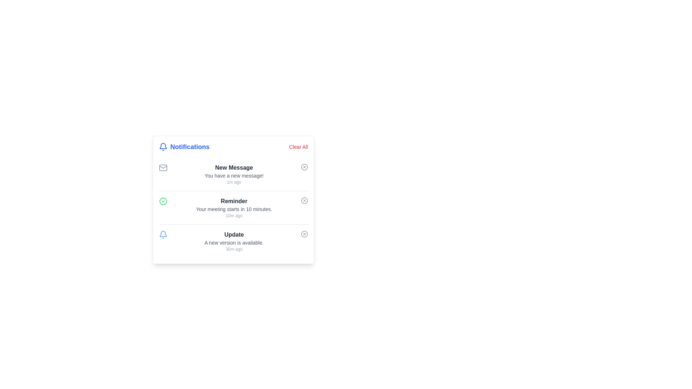  What do you see at coordinates (234, 182) in the screenshot?
I see `text label displaying '1m ago', which is located under the message 'You have a new message!' in the notification card` at bounding box center [234, 182].